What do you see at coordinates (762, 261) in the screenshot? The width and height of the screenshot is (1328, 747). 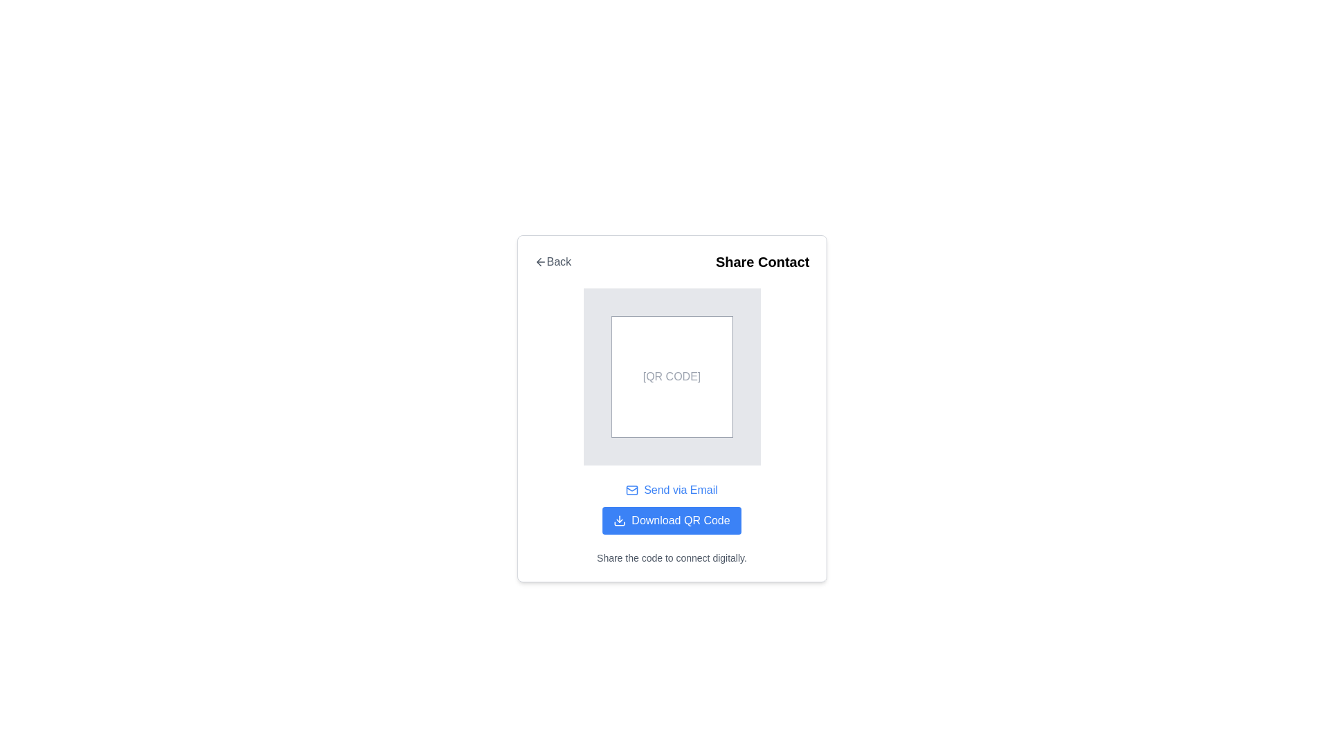 I see `the label located at the top-right corner of the header section, which provides context about the page's purpose` at bounding box center [762, 261].